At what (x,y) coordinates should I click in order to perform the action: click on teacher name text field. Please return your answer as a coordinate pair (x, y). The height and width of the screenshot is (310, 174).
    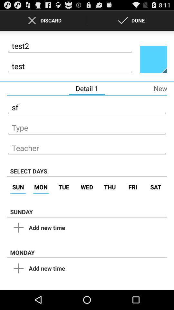
    Looking at the image, I should click on (87, 146).